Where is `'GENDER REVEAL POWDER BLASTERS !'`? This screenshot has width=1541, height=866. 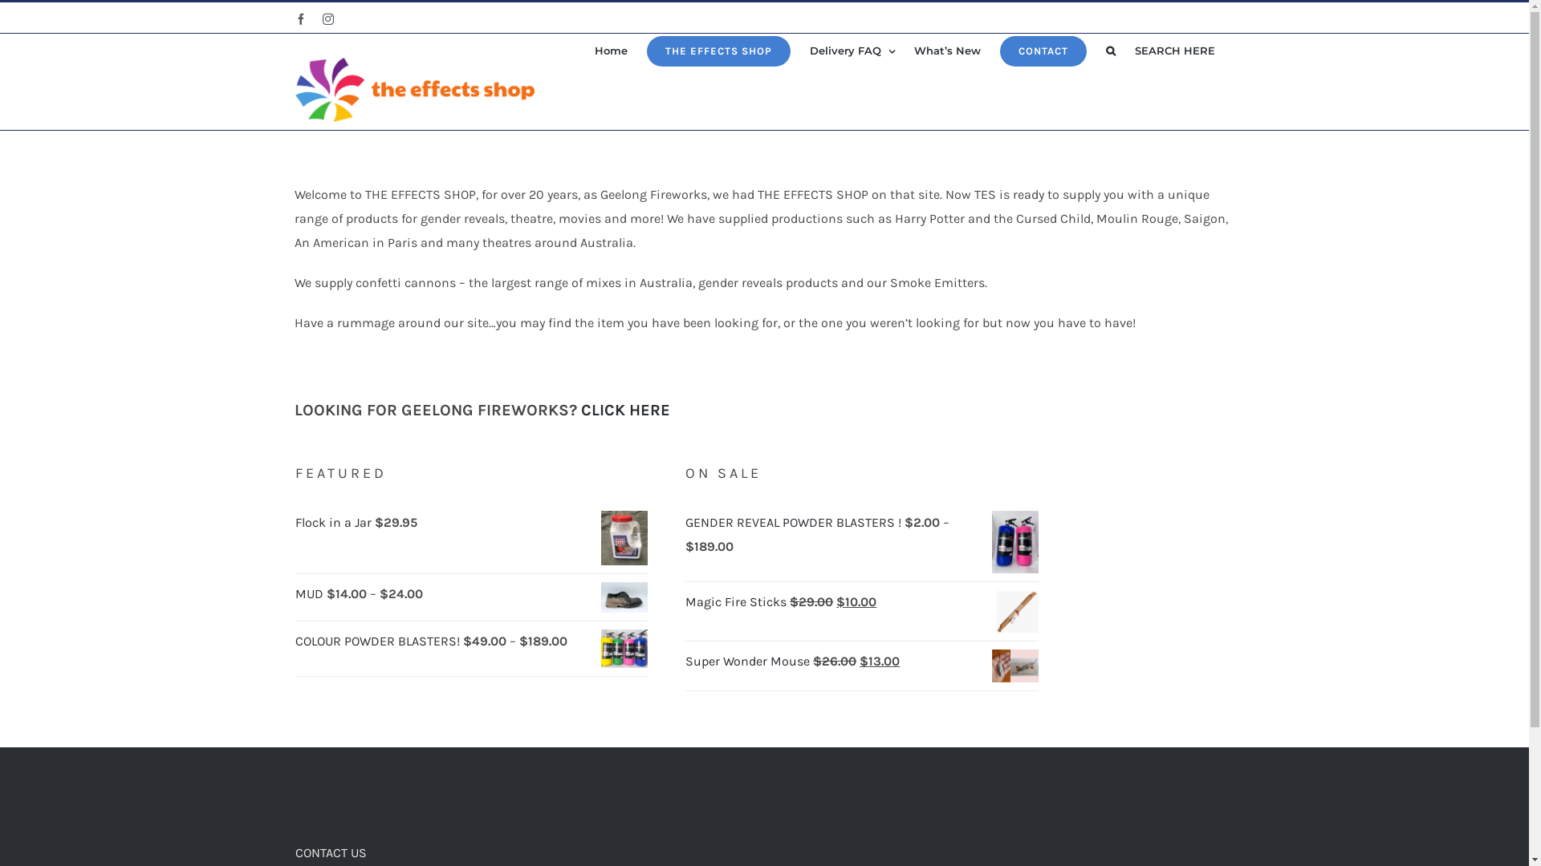
'GENDER REVEAL POWDER BLASTERS !' is located at coordinates (795, 522).